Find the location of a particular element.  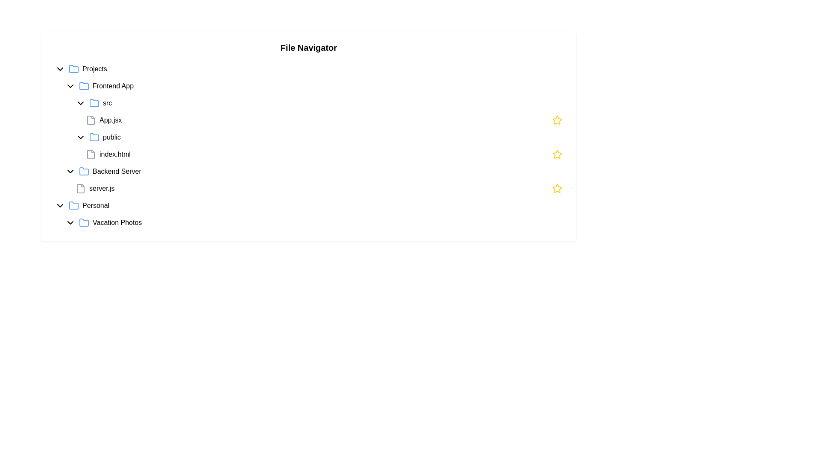

the blue folder icon, which is positioned to the left of the text 'Backend Server' in the file navigation interface is located at coordinates (84, 171).